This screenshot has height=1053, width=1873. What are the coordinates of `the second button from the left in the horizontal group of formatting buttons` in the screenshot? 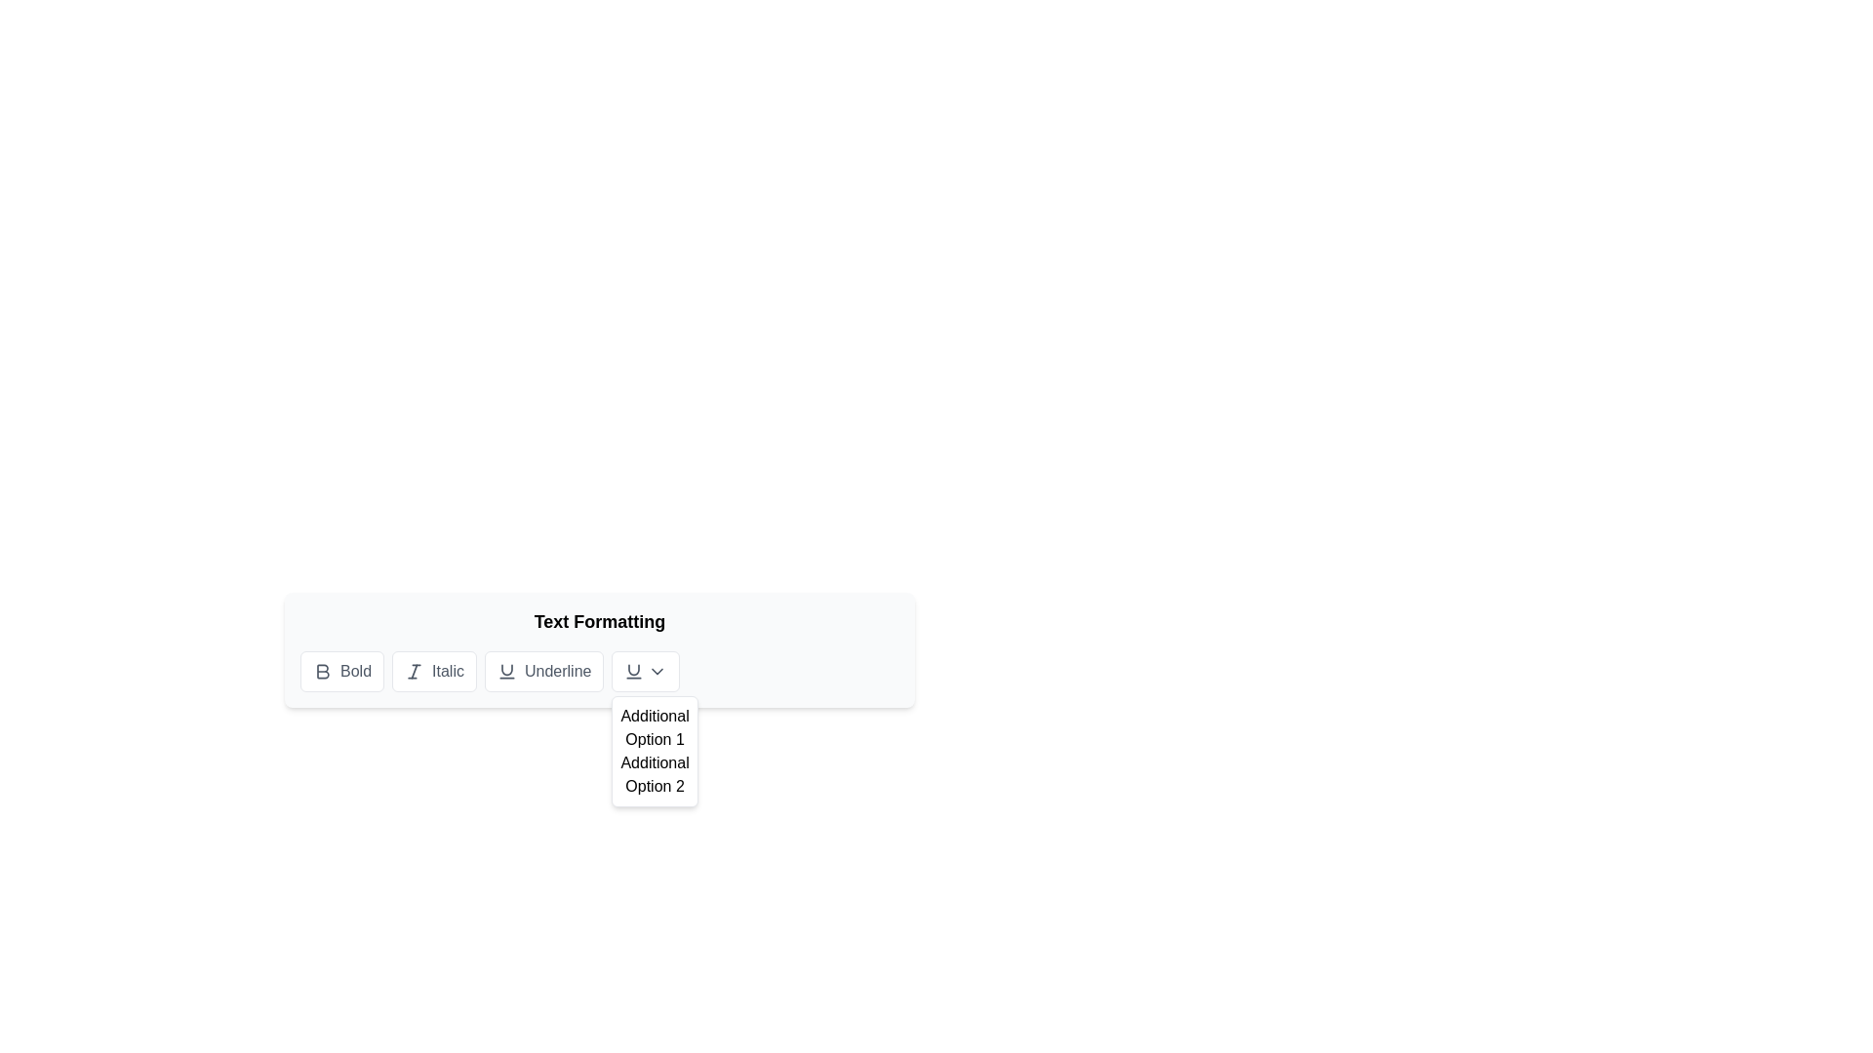 It's located at (433, 671).